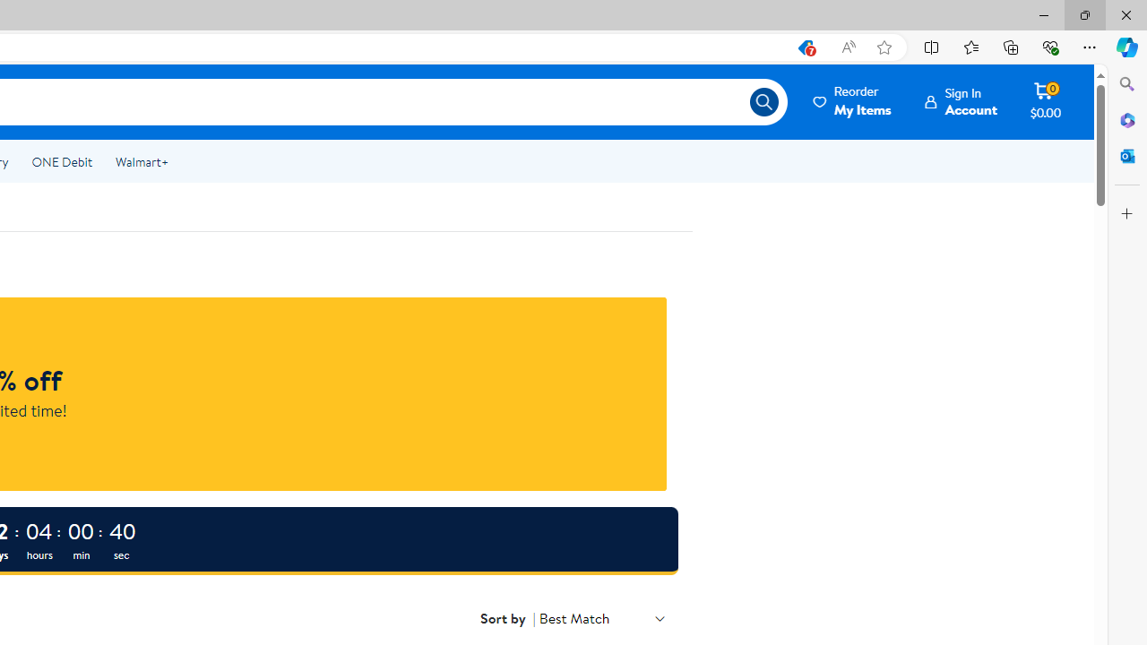  What do you see at coordinates (961, 101) in the screenshot?
I see `'Sign InAccount'` at bounding box center [961, 101].